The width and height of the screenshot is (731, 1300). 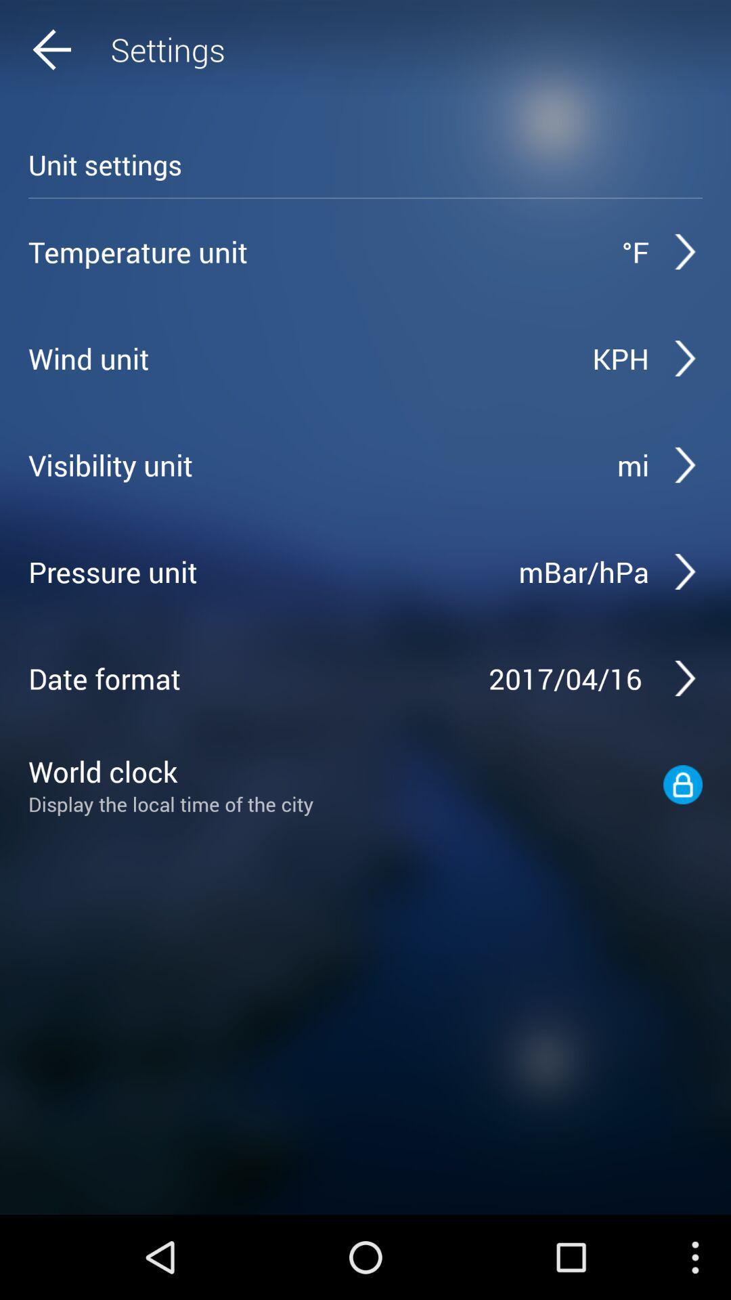 What do you see at coordinates (78, 53) in the screenshot?
I see `the arrow_backward icon` at bounding box center [78, 53].